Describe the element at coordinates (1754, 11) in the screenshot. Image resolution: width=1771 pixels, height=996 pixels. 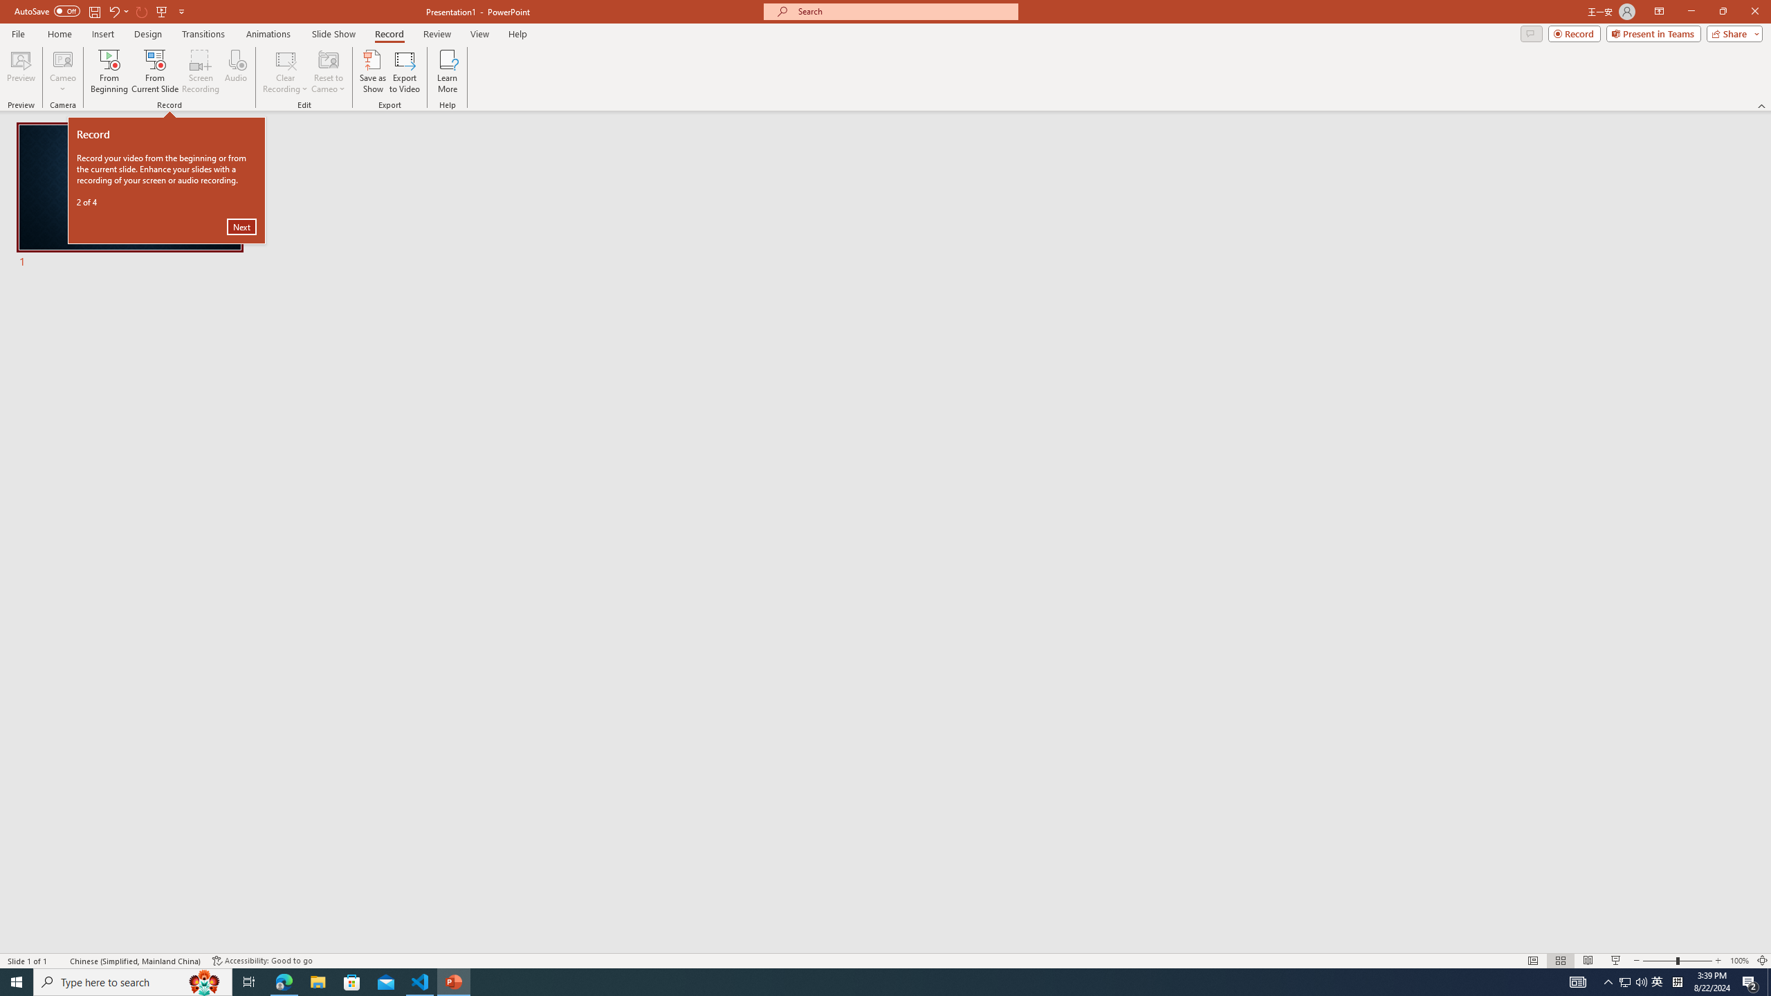
I see `'Close'` at that location.